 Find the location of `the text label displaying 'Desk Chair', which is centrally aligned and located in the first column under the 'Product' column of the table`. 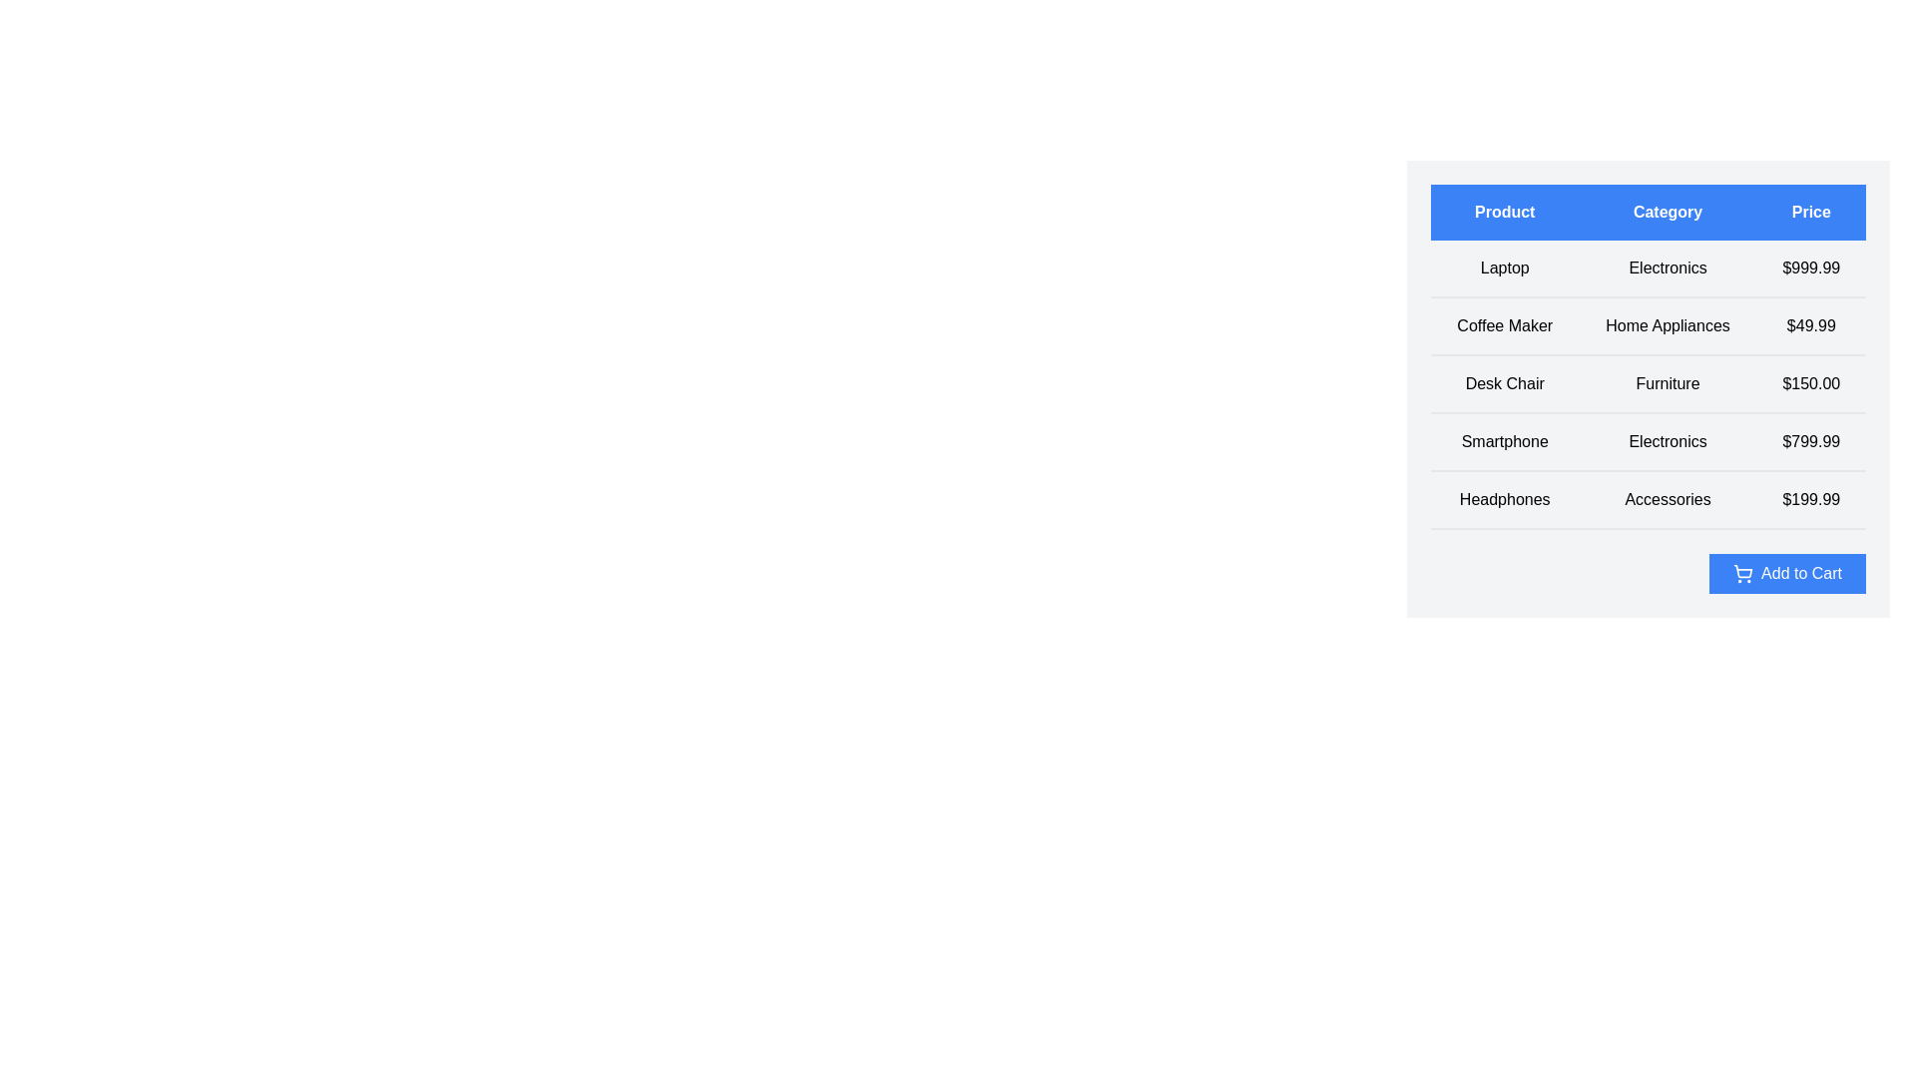

the text label displaying 'Desk Chair', which is centrally aligned and located in the first column under the 'Product' column of the table is located at coordinates (1505, 384).